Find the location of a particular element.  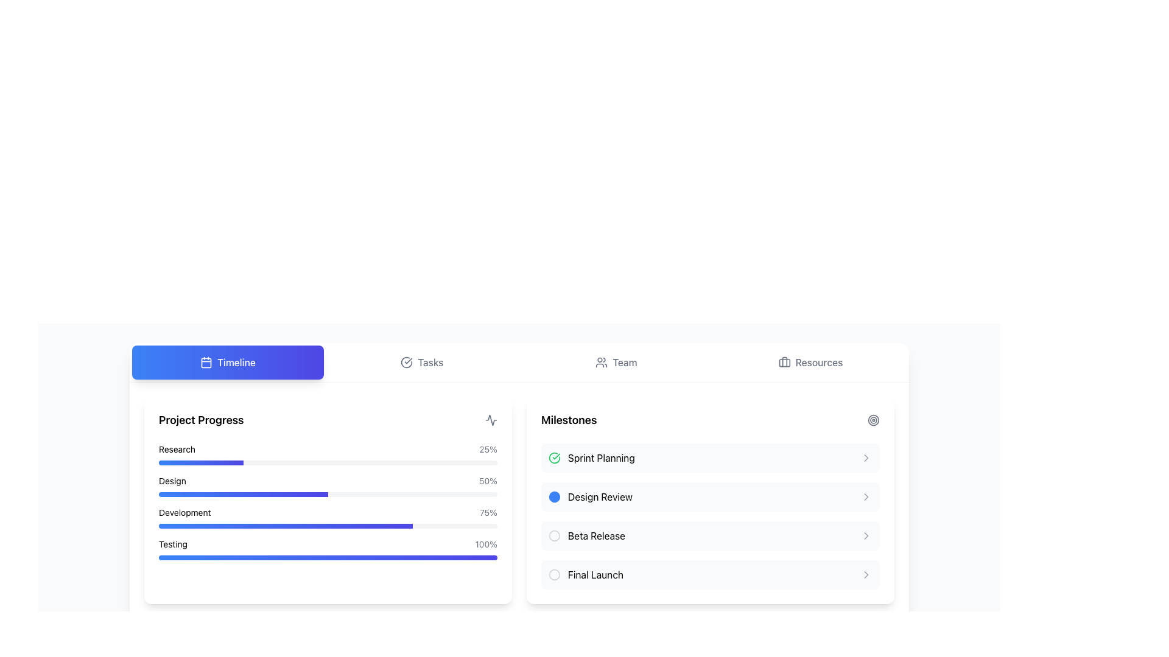

the 'Beta Release' milestone card, the third item in the 'Milestones' list is located at coordinates (710, 535).